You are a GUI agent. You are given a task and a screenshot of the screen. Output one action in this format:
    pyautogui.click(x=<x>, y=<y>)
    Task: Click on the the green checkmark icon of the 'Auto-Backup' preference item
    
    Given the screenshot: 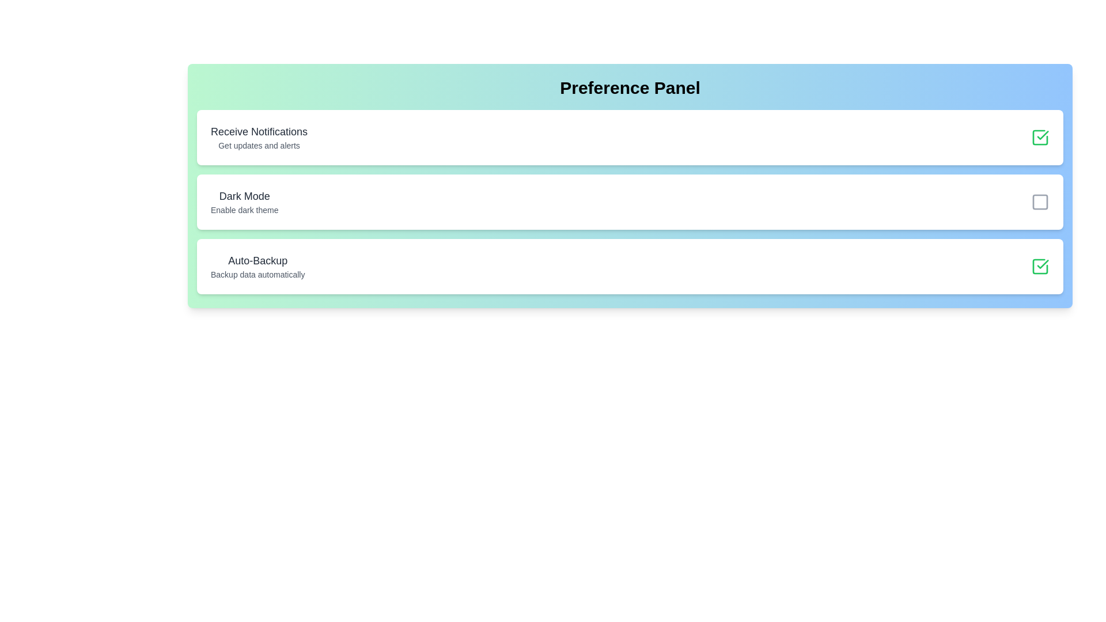 What is the action you would take?
    pyautogui.click(x=1040, y=266)
    